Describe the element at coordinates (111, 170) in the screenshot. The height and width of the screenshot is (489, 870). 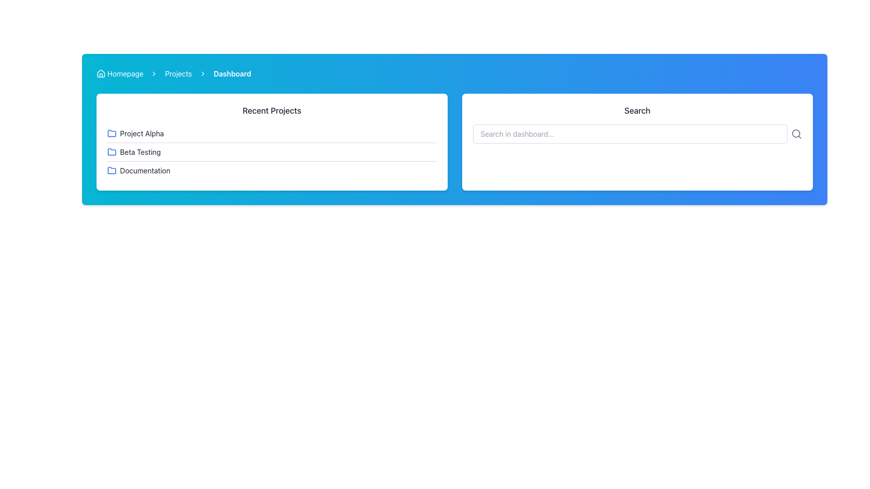
I see `the folder icon segment associated with the 'Documentation' item in the Recent Projects section, which has a blue outline and rounded corners` at that location.